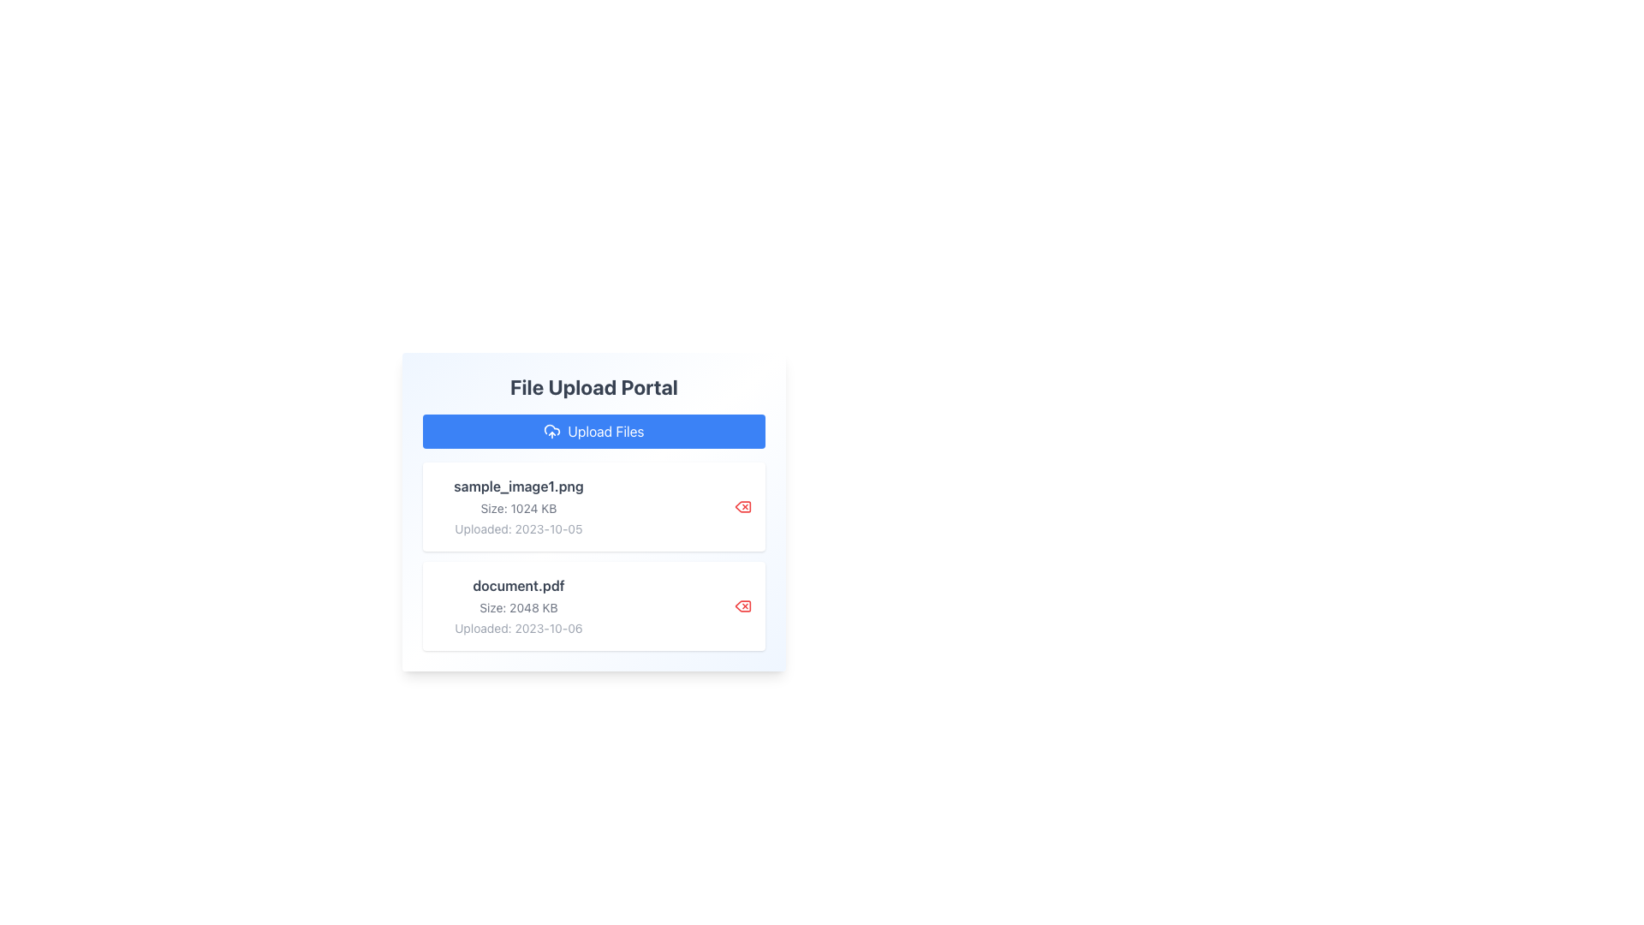 This screenshot has height=925, width=1644. I want to click on the 'Upload' button located centrally in the 'File Upload Portal' section to initiate the file upload process, so click(594, 431).